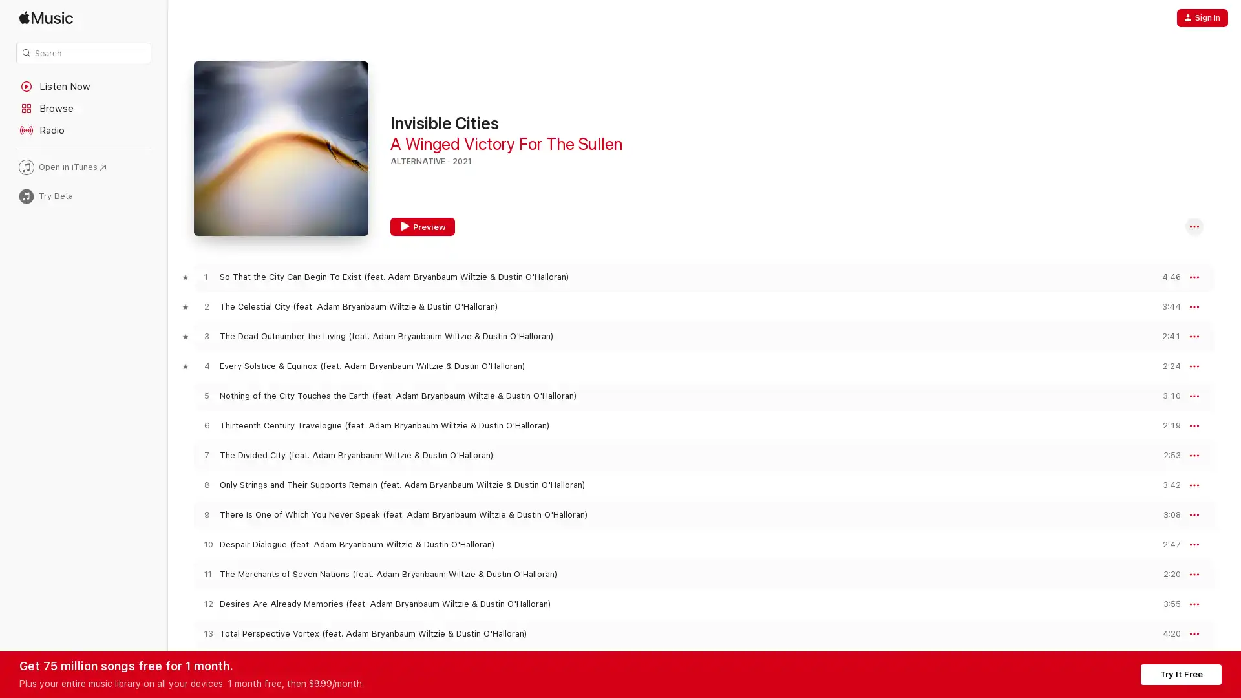 The image size is (1241, 698). What do you see at coordinates (1194, 455) in the screenshot?
I see `More` at bounding box center [1194, 455].